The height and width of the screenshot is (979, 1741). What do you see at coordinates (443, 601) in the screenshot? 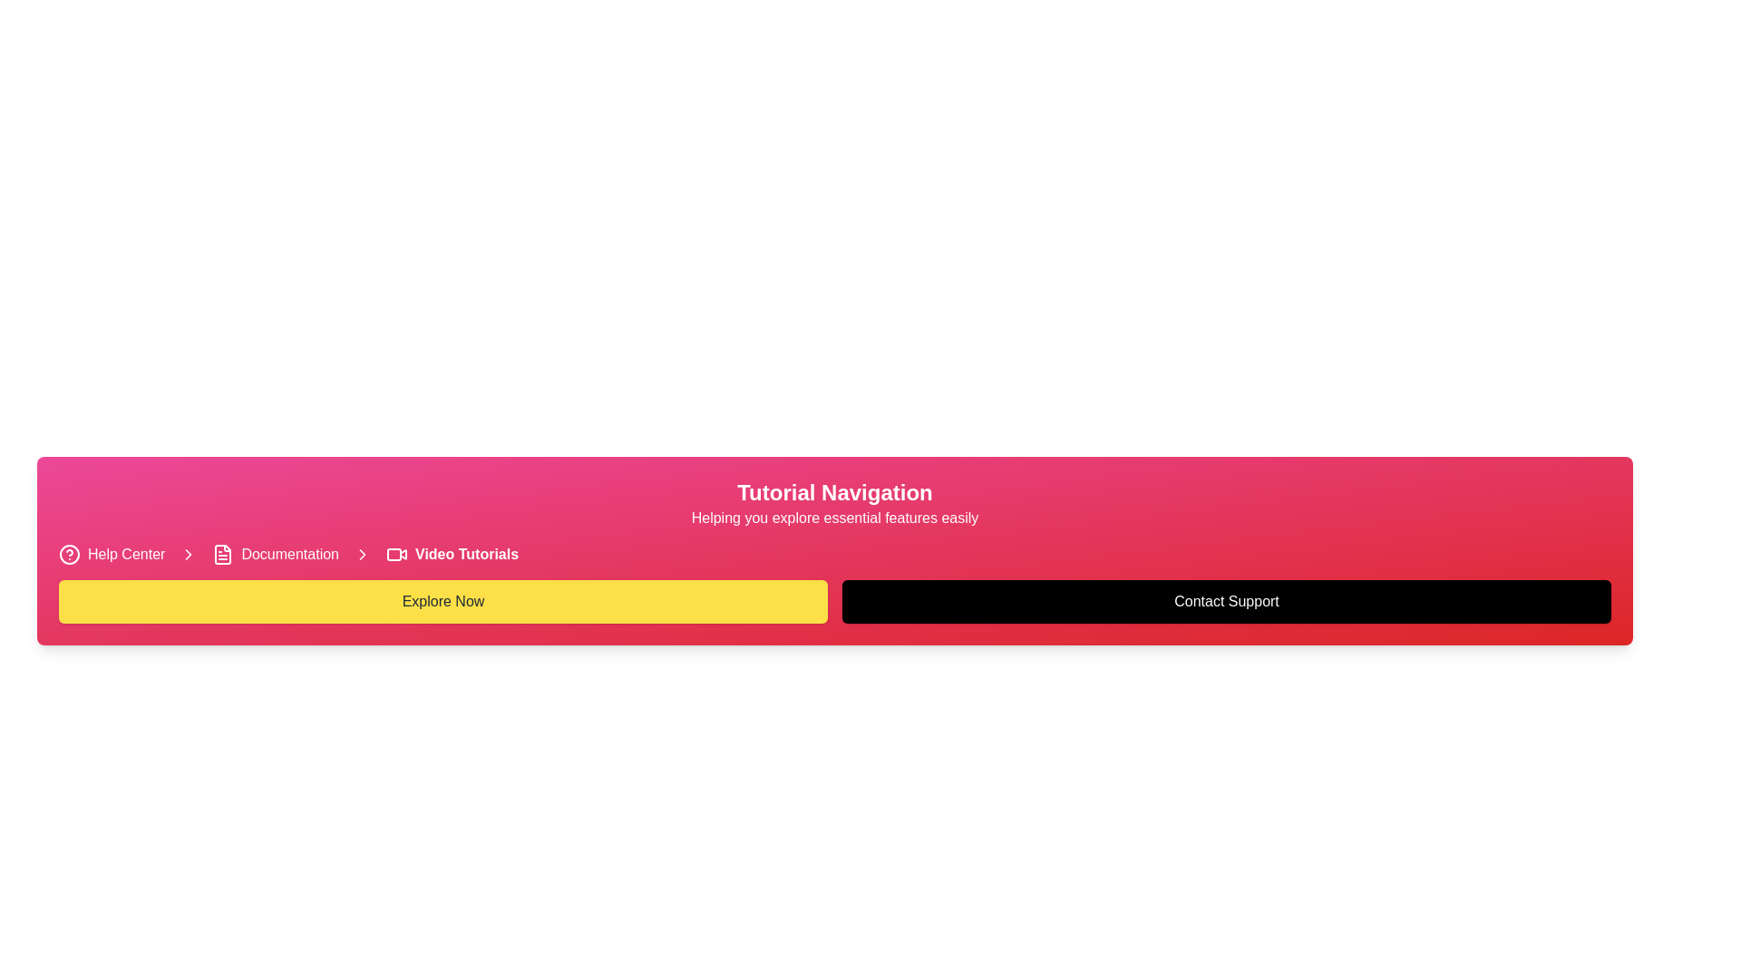
I see `the yellow rectangular 'Explore Now' button with rounded corners` at bounding box center [443, 601].